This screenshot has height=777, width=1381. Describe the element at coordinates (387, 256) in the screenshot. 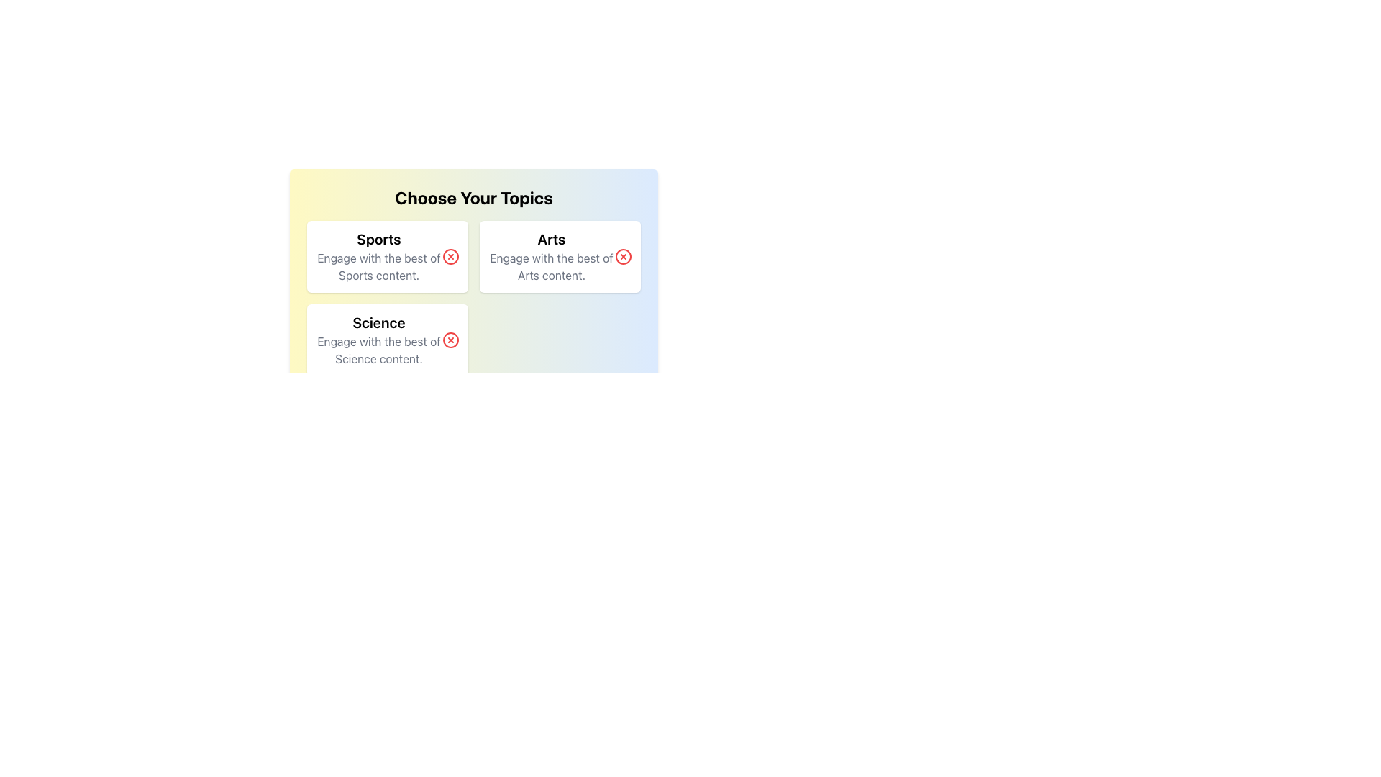

I see `the 'Sports' topic card located in the upper-left corner of the grid, which is the first card in a layout with 'Arts' to the right and 'Science' below` at that location.